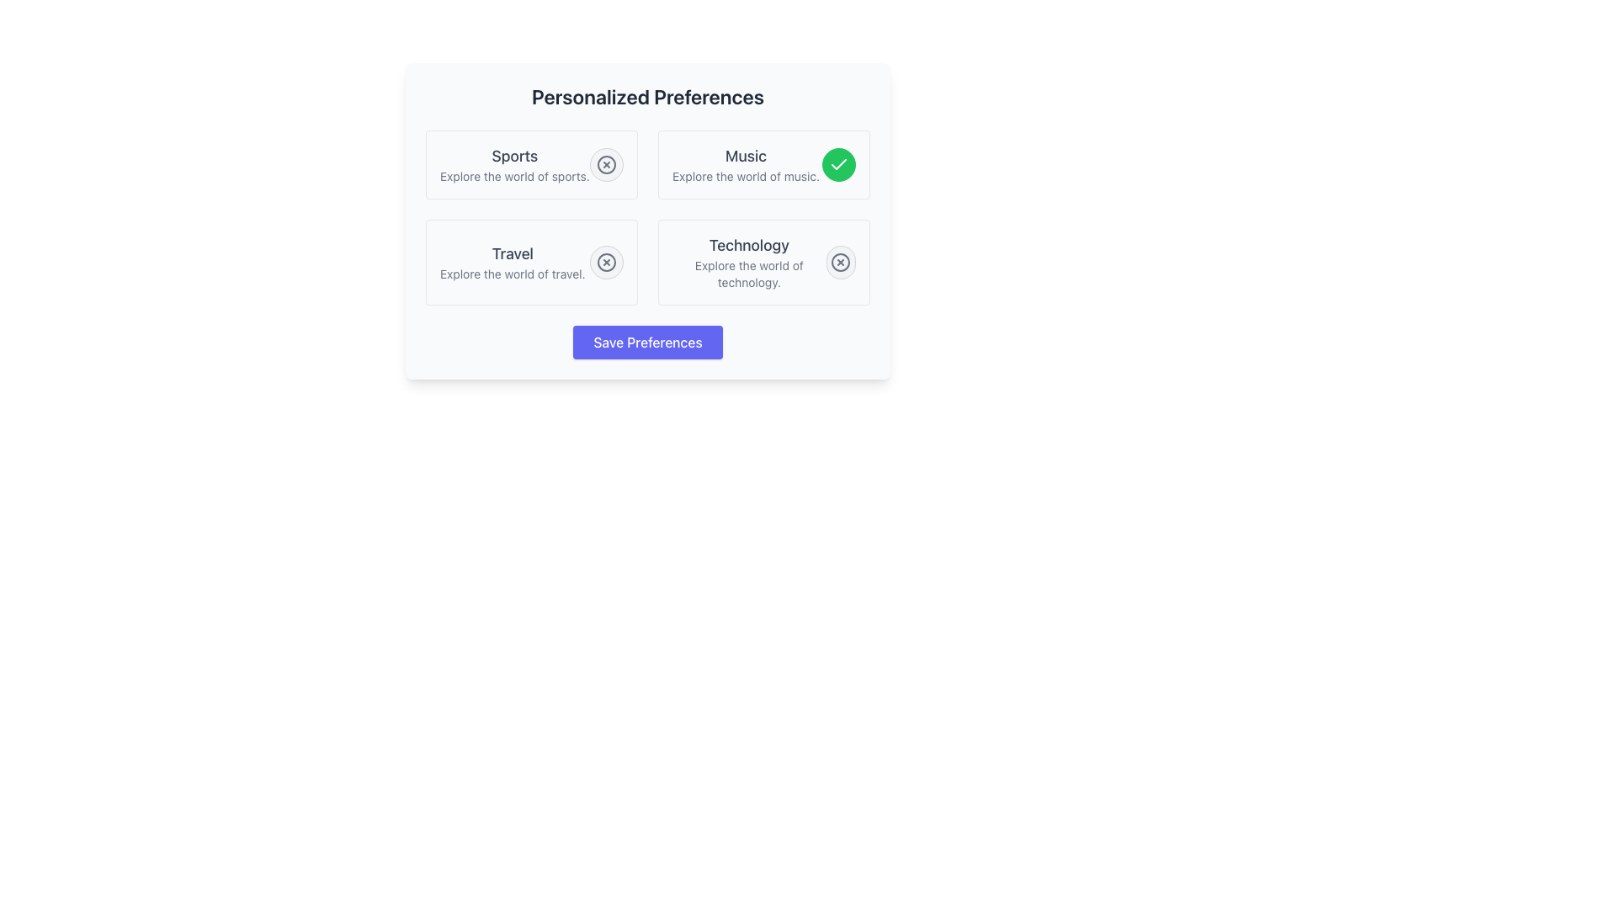 This screenshot has height=909, width=1616. What do you see at coordinates (748, 274) in the screenshot?
I see `the descriptive subheading text element located in the 'Technology' section, situated directly below the larger and bold 'Technology' title in the bottom-right corner of the interface` at bounding box center [748, 274].